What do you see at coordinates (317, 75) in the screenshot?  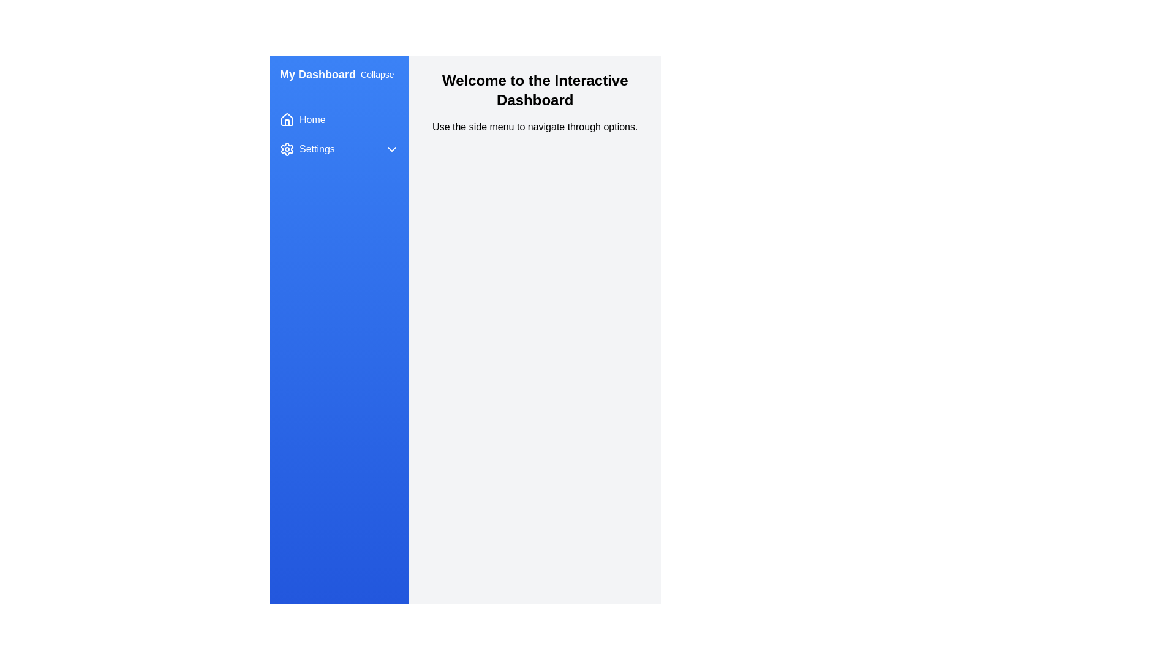 I see `the text label 'My Dashboard' which is styled in bold and large font, located in the top left corner of the interface inside the left sidebar` at bounding box center [317, 75].